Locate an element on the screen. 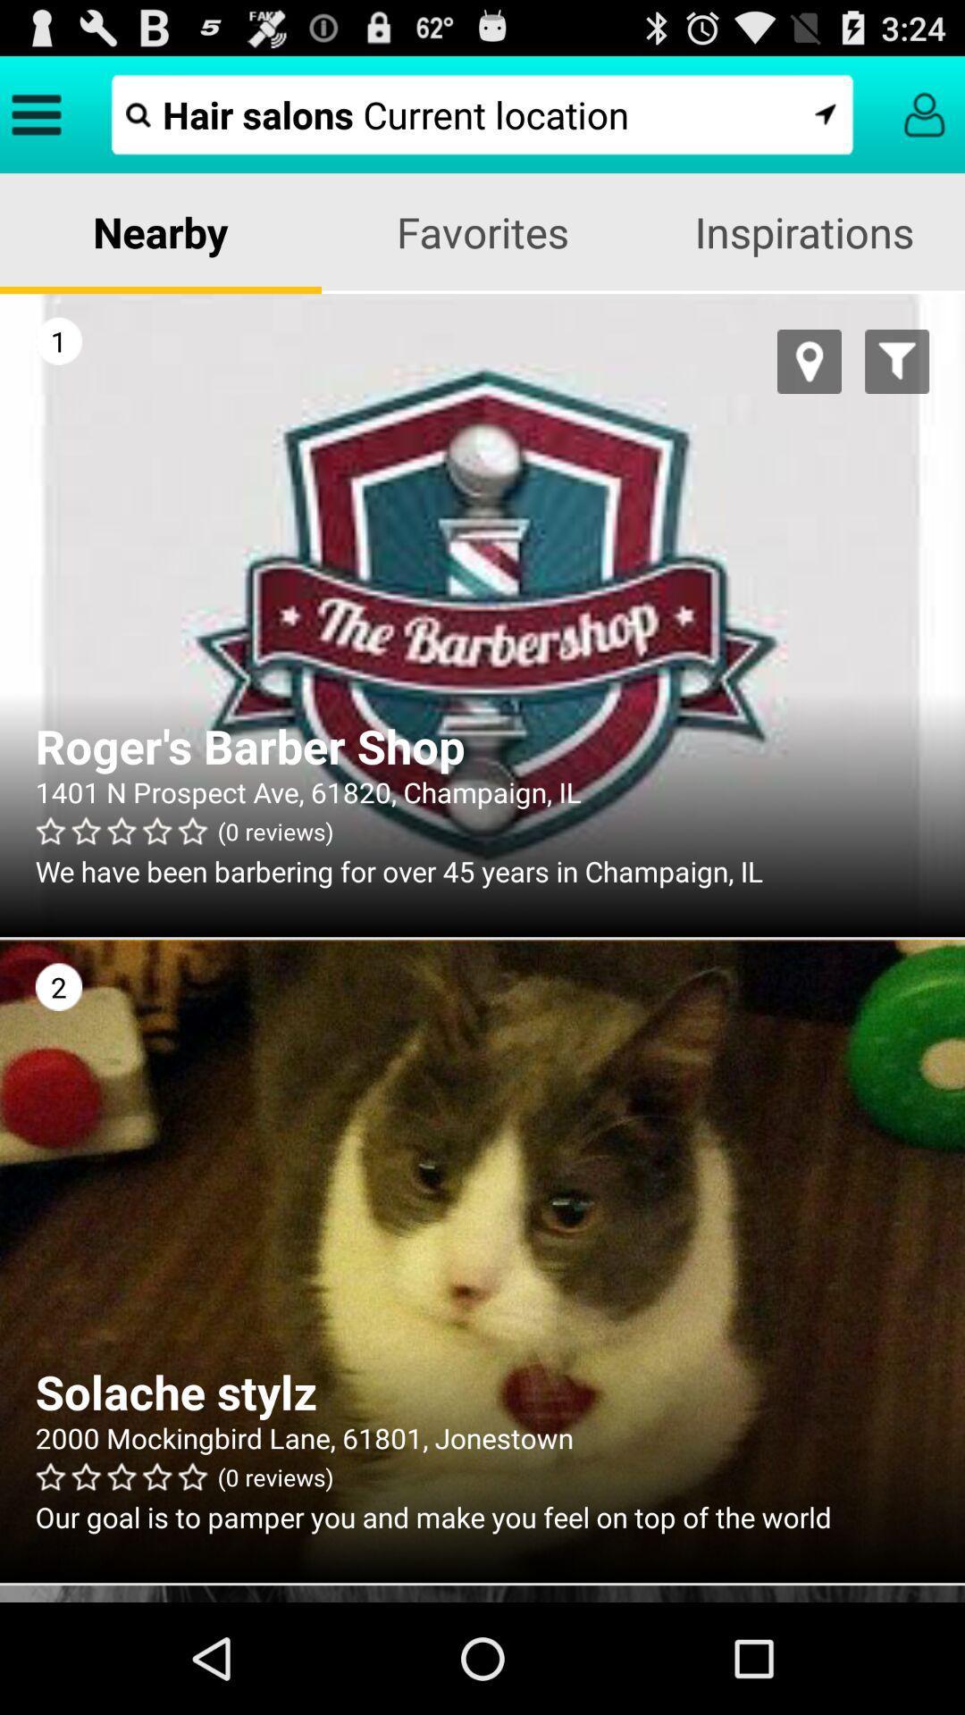 The height and width of the screenshot is (1715, 965). the item below the hair salons current app is located at coordinates (482, 230).